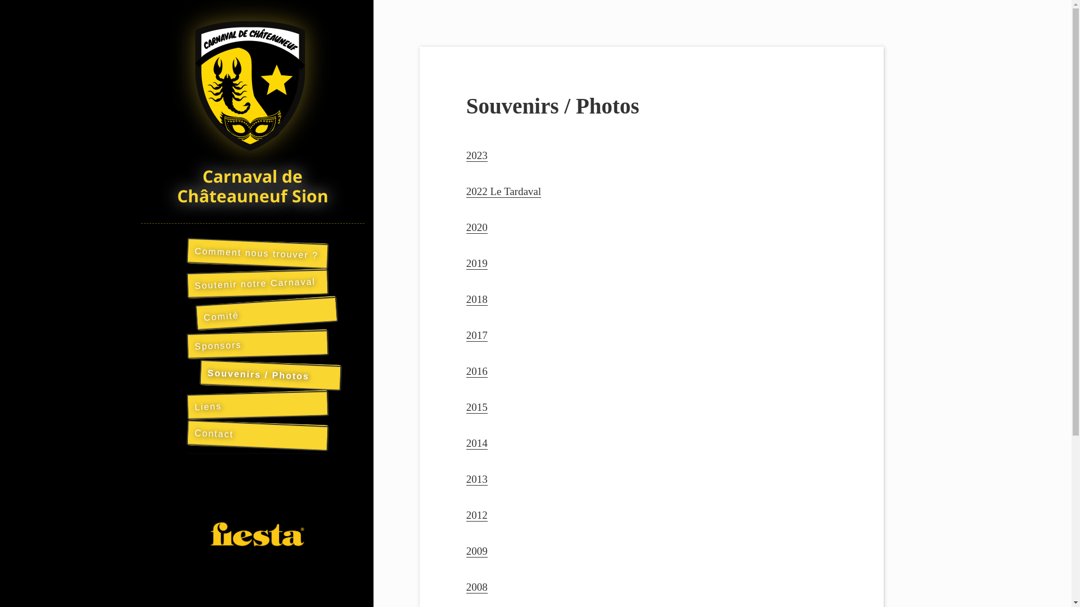 The image size is (1080, 607). Describe the element at coordinates (477, 335) in the screenshot. I see `'2017'` at that location.